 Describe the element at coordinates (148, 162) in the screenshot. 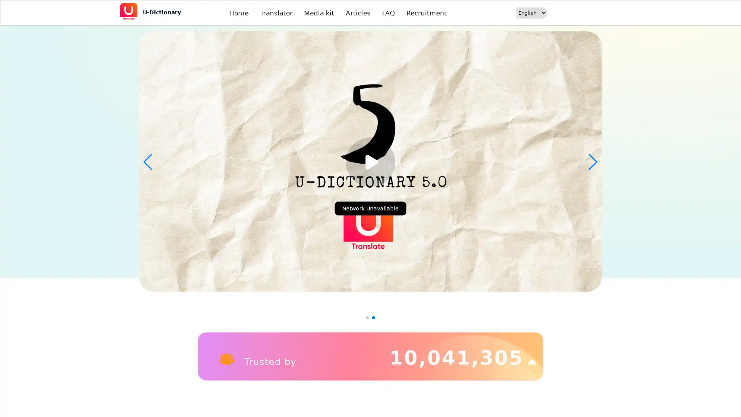

I see `Previous slide` at that location.